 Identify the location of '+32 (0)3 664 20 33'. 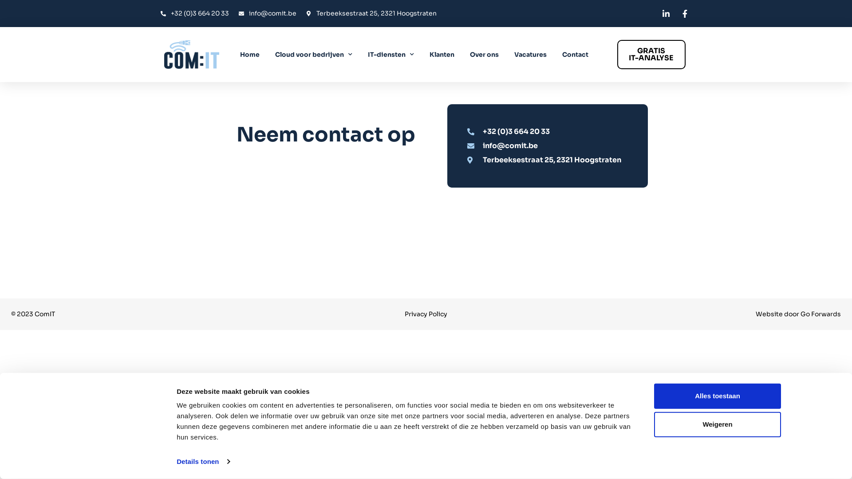
(551, 131).